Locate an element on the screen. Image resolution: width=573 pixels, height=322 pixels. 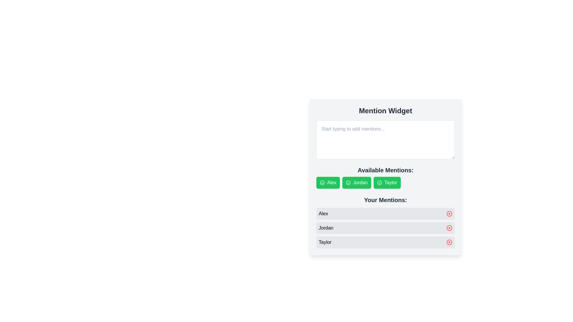
the interactive circular button with a cross to the far right of the 'Taylor' mention in the 'Your Mentions' list is located at coordinates (449, 242).